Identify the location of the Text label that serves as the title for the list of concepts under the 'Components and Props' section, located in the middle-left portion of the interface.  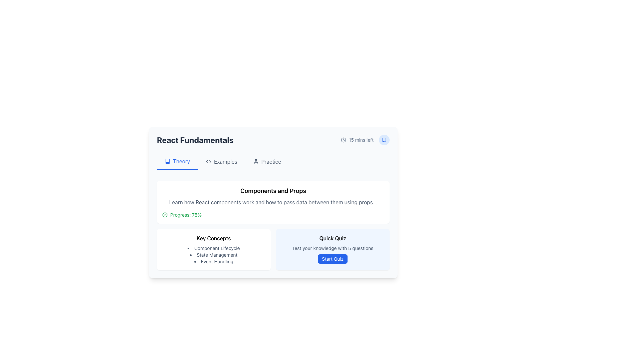
(214, 238).